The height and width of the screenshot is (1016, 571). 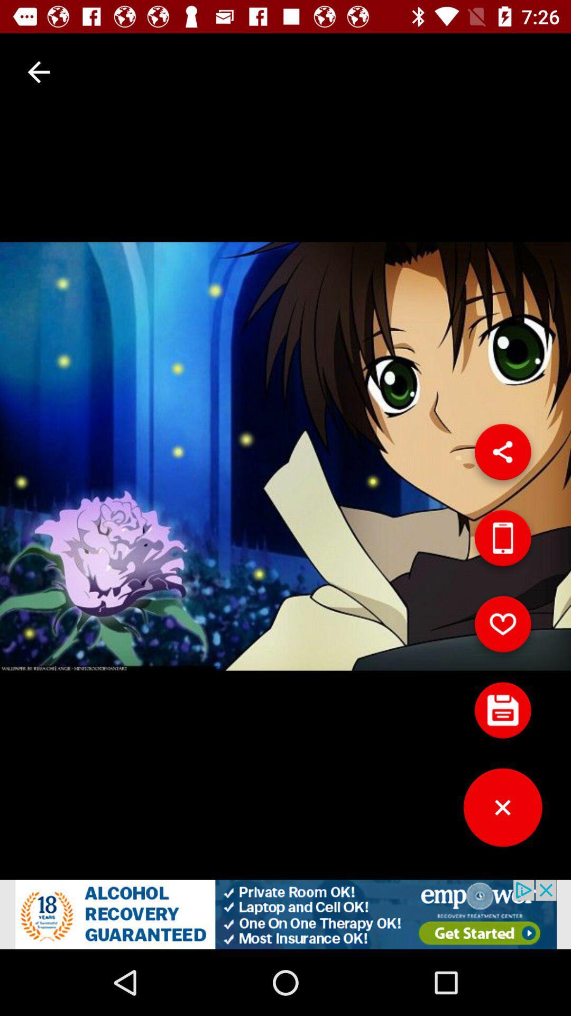 I want to click on mobile selection, so click(x=502, y=542).